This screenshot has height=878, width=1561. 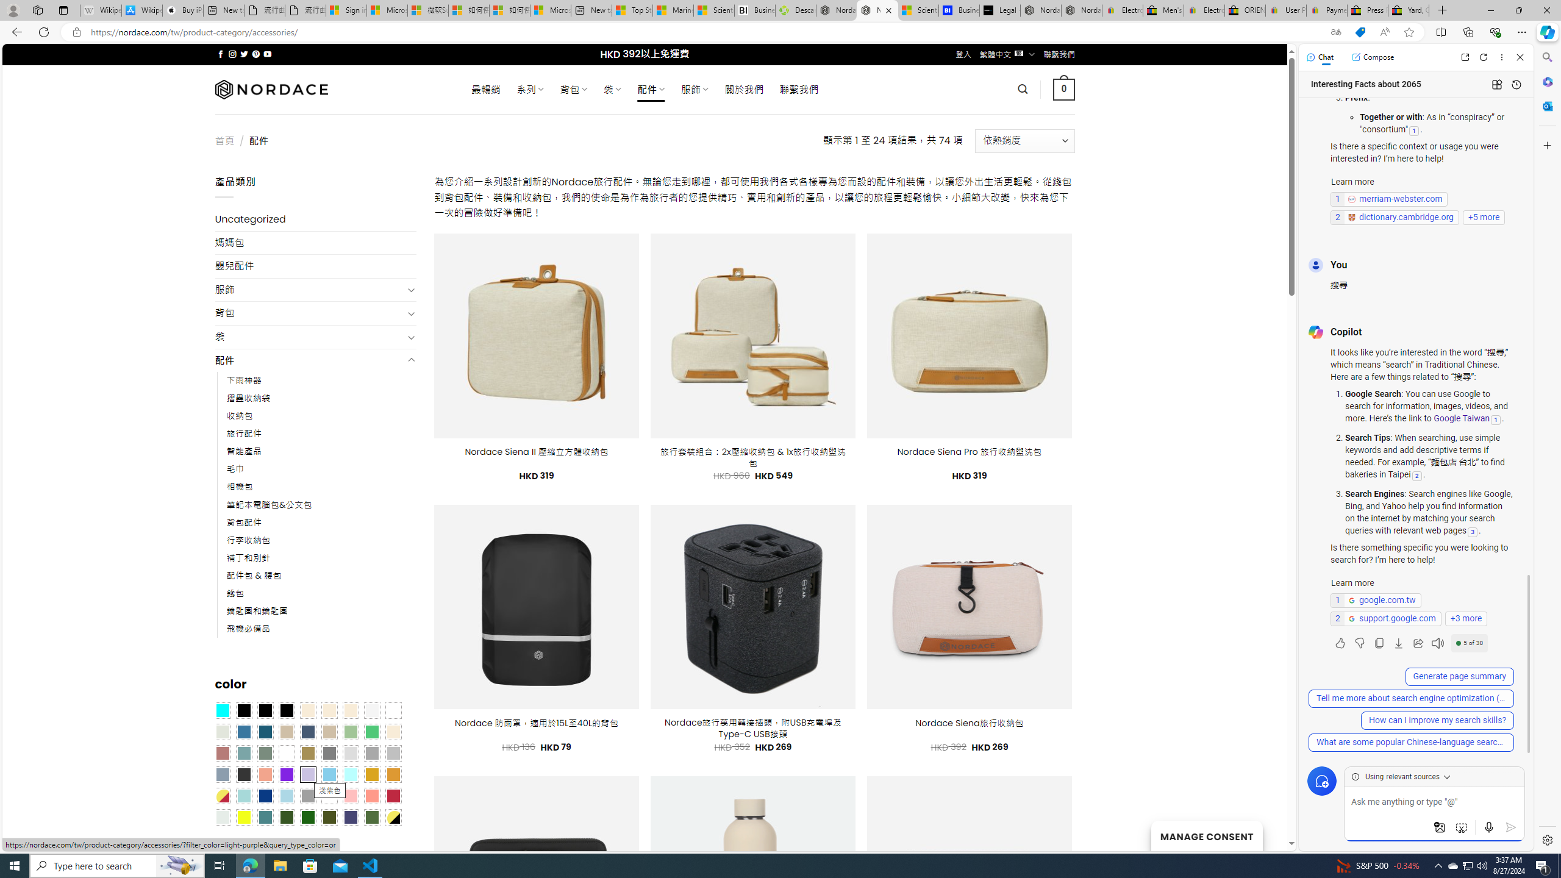 I want to click on '  0  ', so click(x=1063, y=88).